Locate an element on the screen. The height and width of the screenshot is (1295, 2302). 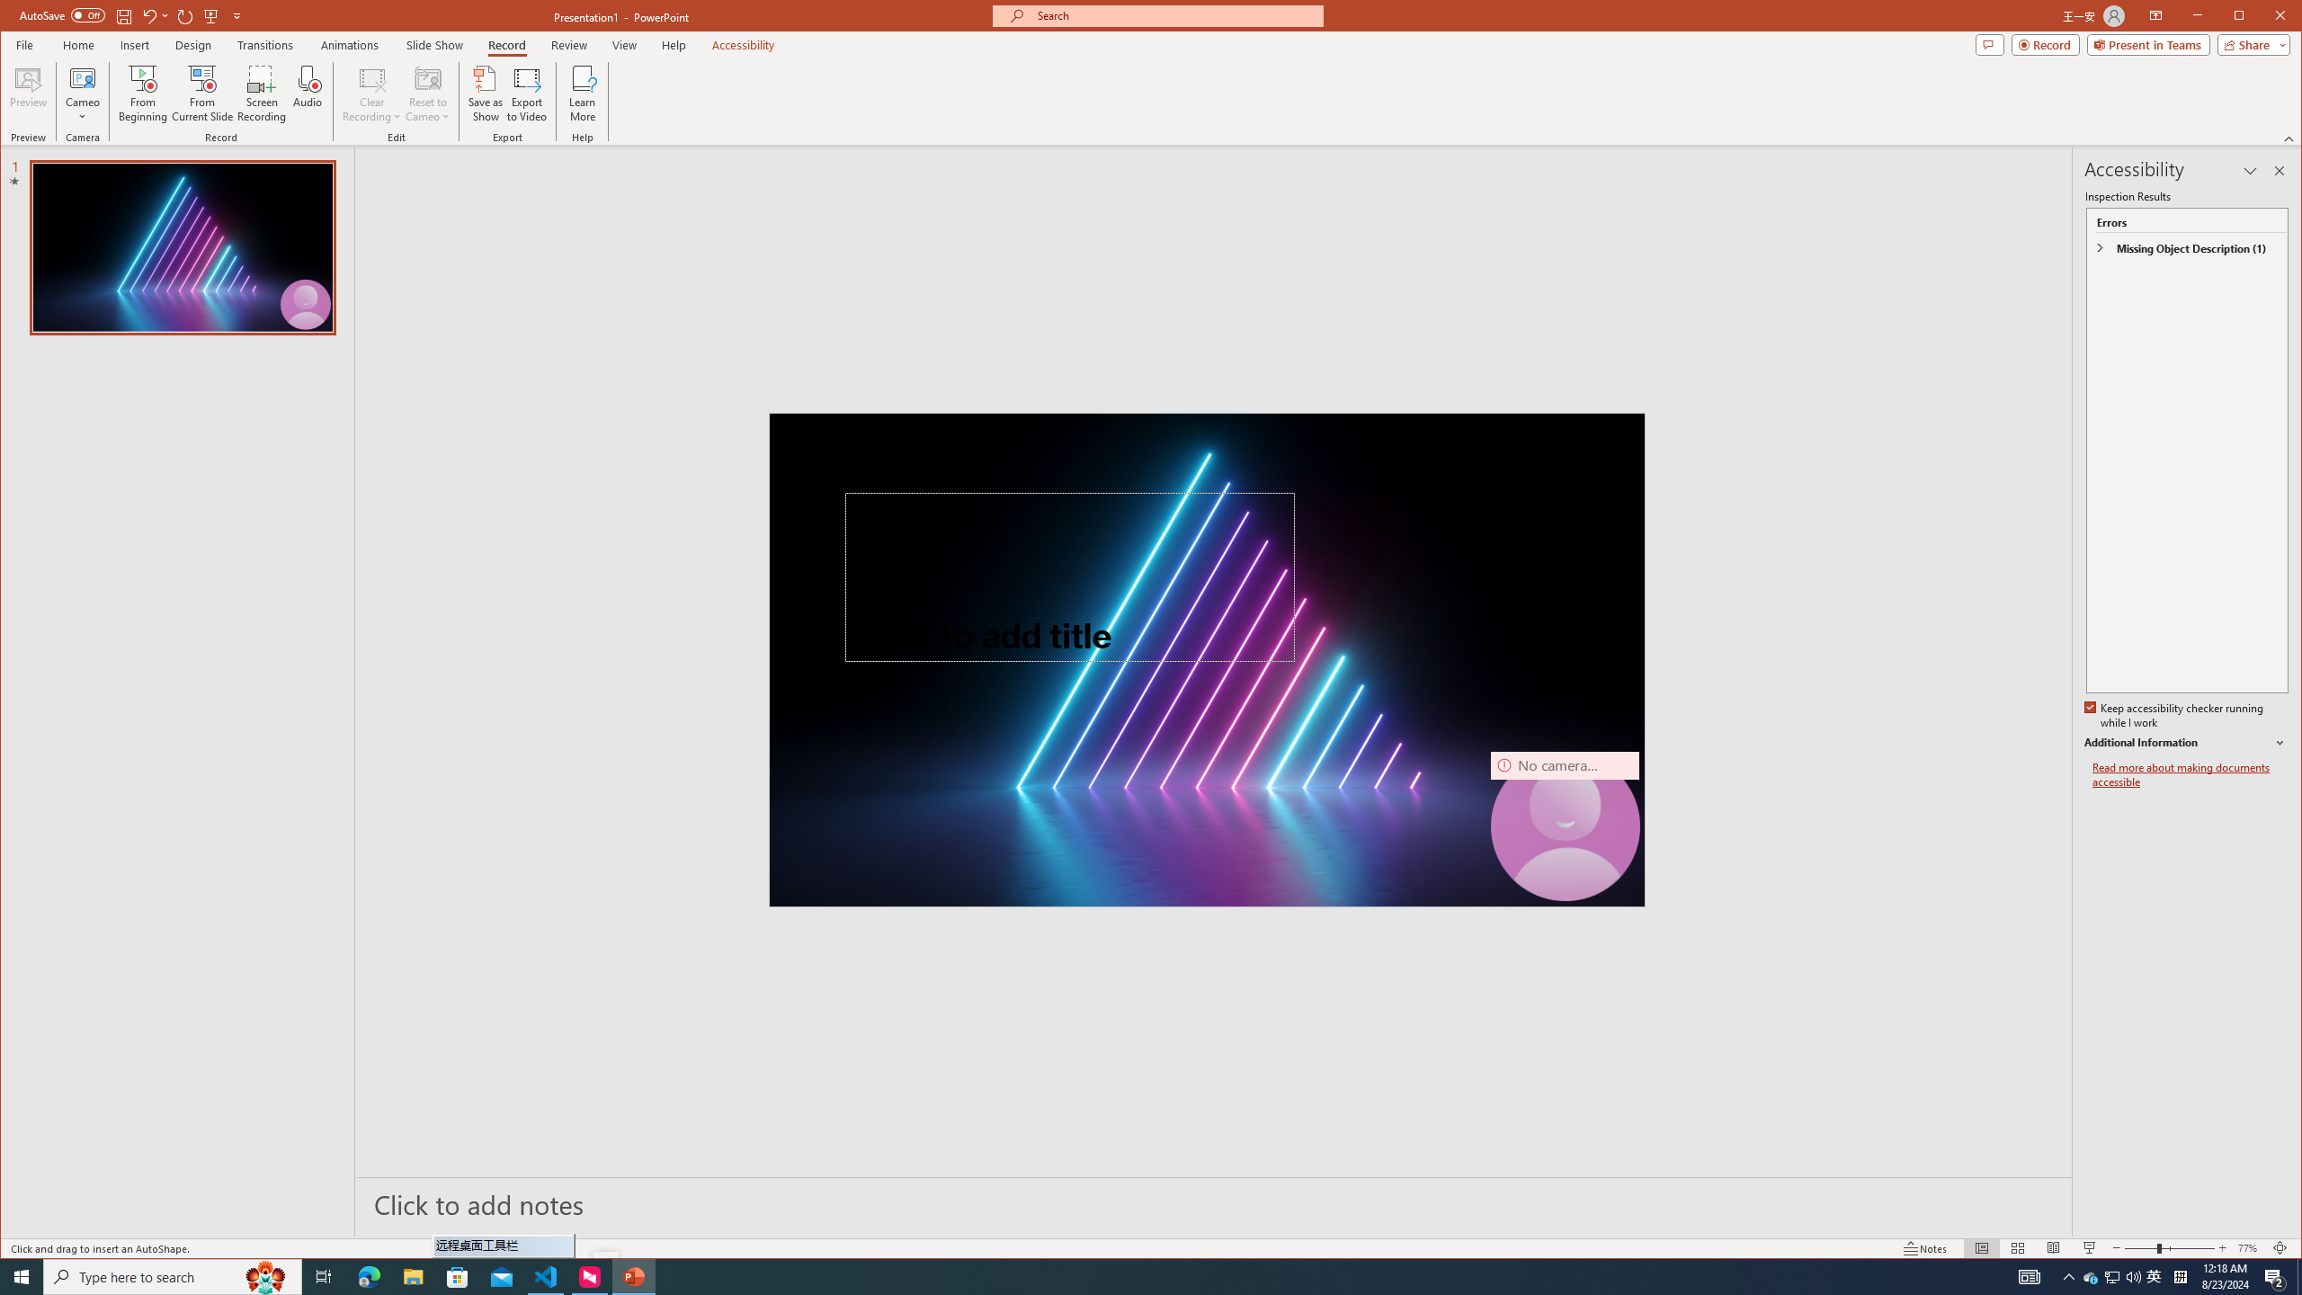
'Clear Recording' is located at coordinates (370, 93).